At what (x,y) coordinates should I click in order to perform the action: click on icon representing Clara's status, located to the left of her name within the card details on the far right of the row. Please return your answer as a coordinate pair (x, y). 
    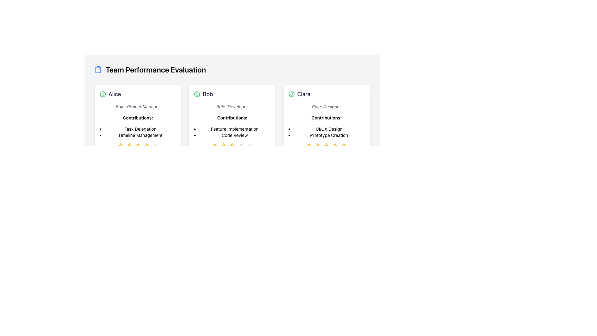
    Looking at the image, I should click on (291, 94).